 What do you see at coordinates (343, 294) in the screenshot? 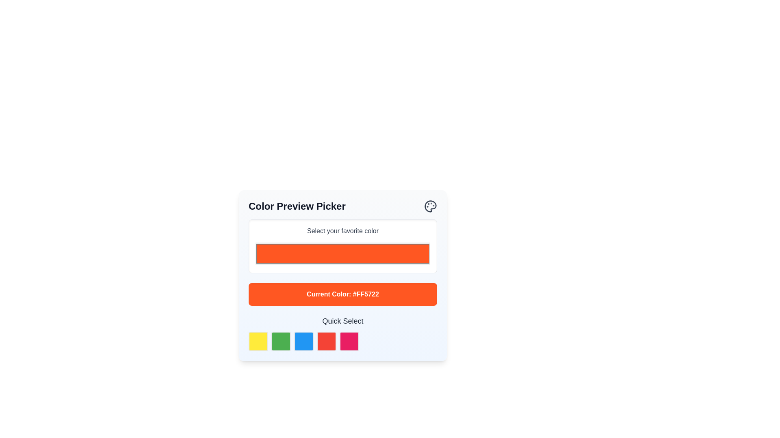
I see `the Text label that displays 'Current Color: #FF5722', which is an orange rectangular box with rounded corners located in the 'Color Preview Picker' section, directly below 'Select your favorite color'` at bounding box center [343, 294].